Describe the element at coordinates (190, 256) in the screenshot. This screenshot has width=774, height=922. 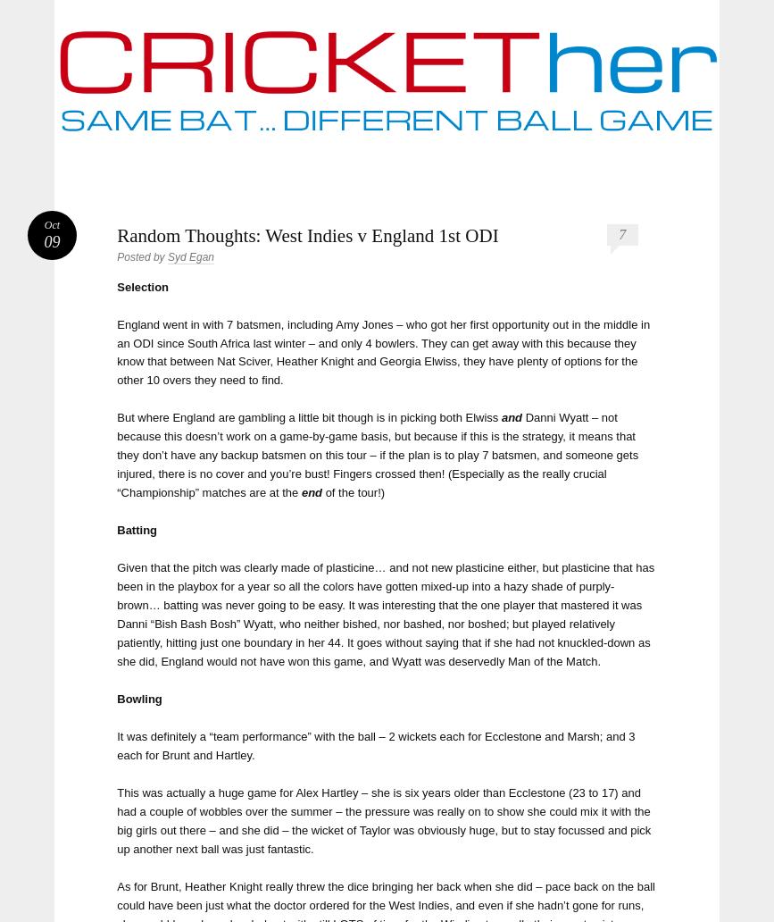
I see `'Syd Egan'` at that location.